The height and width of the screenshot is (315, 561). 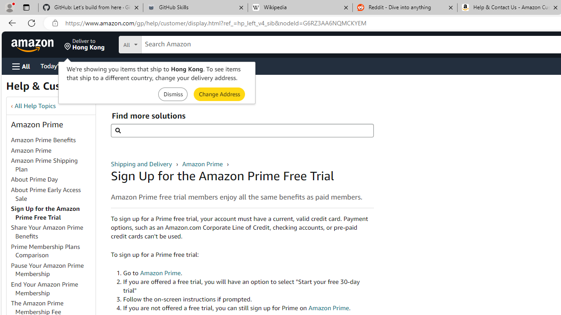 What do you see at coordinates (47, 269) in the screenshot?
I see `'Pause Your Amazon Prime Membership'` at bounding box center [47, 269].